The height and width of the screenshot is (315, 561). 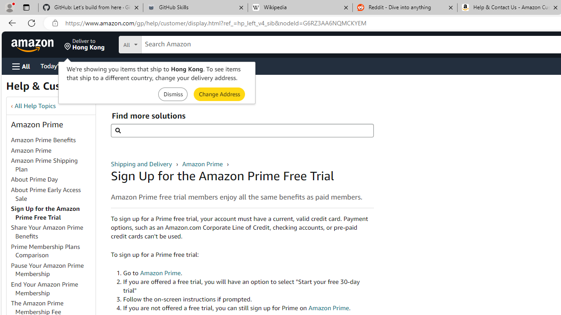 What do you see at coordinates (47, 269) in the screenshot?
I see `'Pause Your Amazon Prime Membership'` at bounding box center [47, 269].